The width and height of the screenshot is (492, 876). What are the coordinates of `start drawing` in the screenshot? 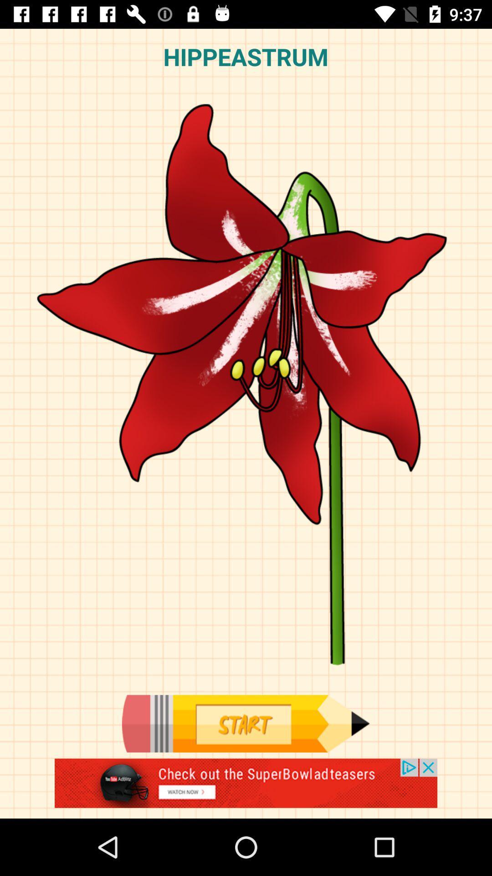 It's located at (245, 723).